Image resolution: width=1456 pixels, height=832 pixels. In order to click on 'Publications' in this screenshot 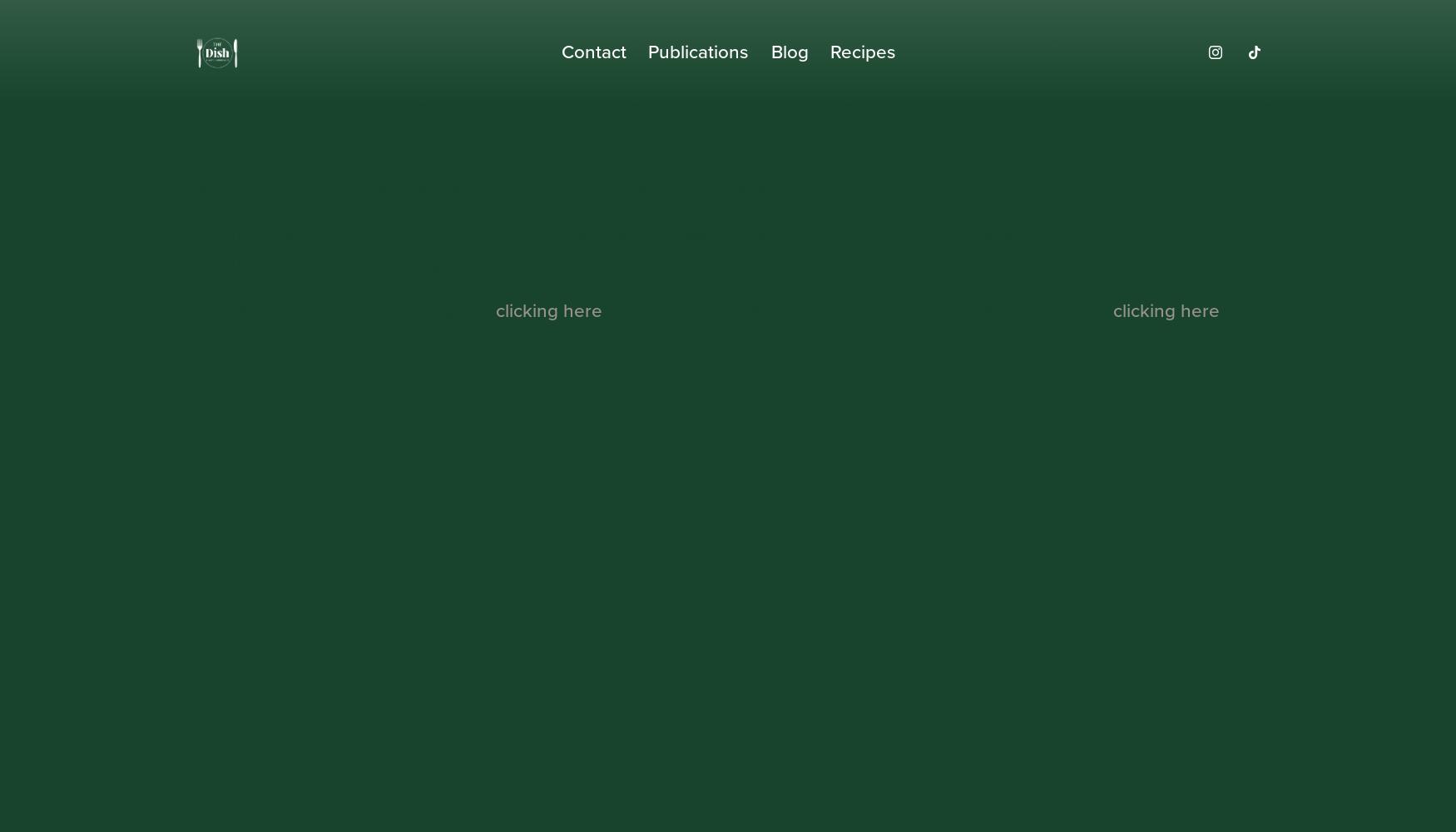, I will do `click(698, 52)`.